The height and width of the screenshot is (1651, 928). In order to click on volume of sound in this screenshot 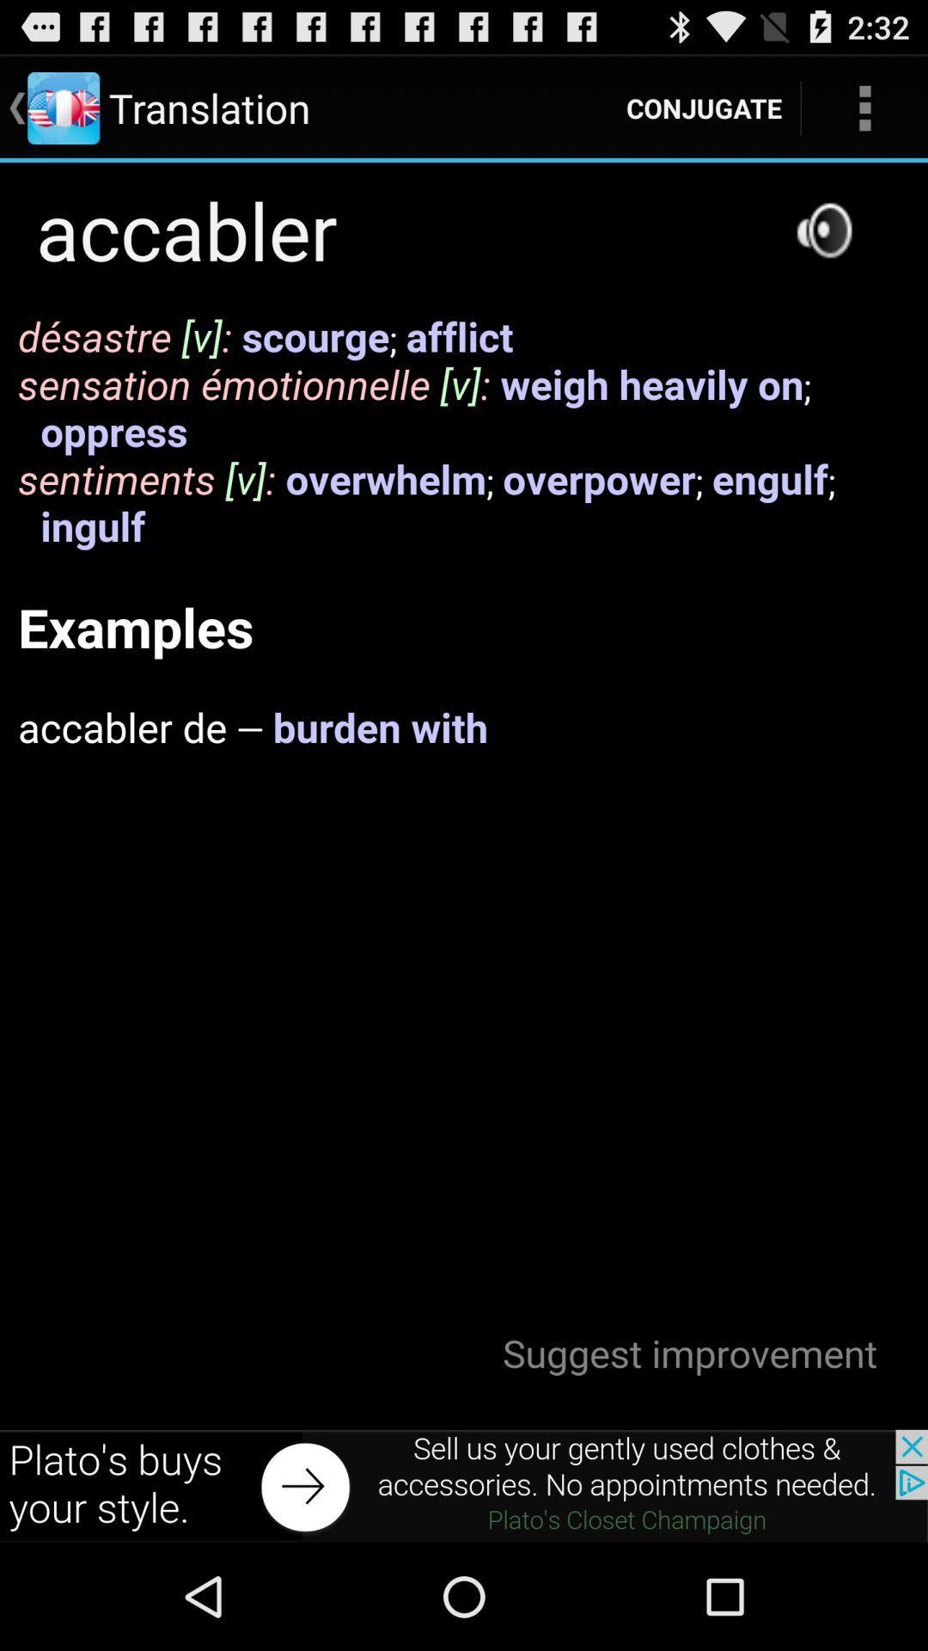, I will do `click(823, 229)`.